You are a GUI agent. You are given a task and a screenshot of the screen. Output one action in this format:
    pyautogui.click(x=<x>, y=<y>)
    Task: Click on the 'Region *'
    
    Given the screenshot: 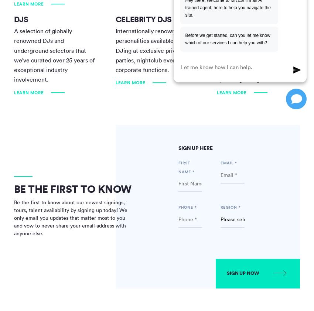 What is the action you would take?
    pyautogui.click(x=230, y=207)
    